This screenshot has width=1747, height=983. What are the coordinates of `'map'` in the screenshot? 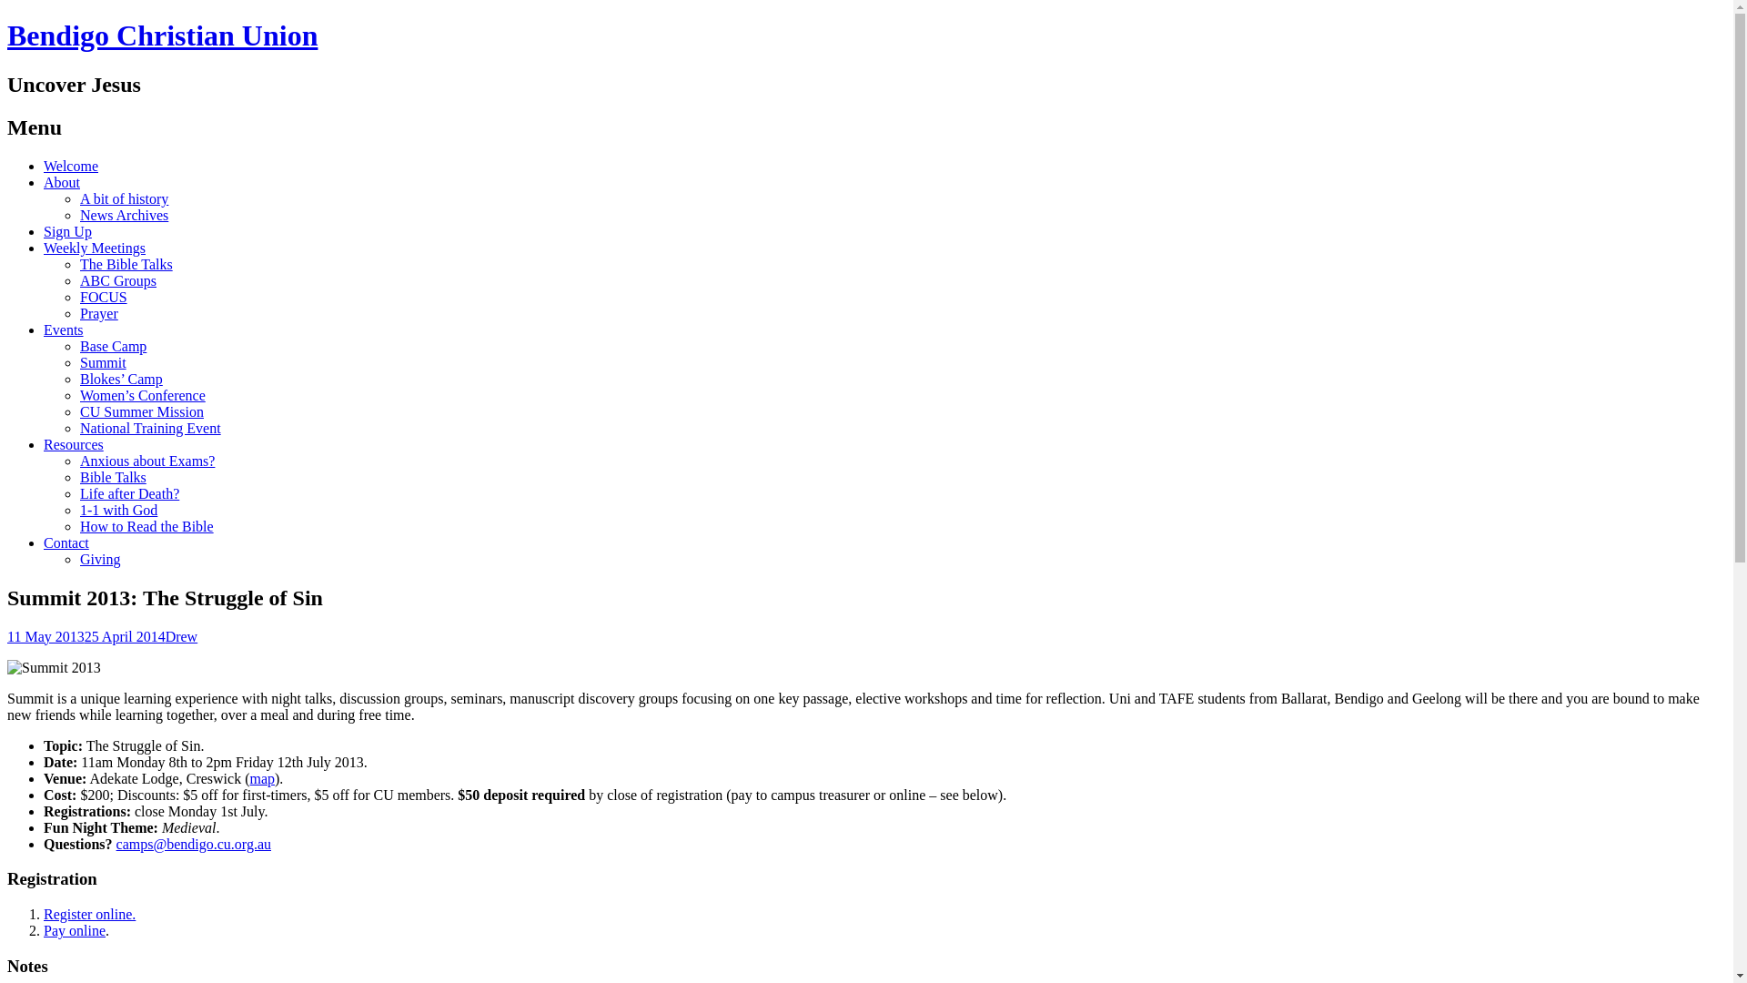 It's located at (261, 777).